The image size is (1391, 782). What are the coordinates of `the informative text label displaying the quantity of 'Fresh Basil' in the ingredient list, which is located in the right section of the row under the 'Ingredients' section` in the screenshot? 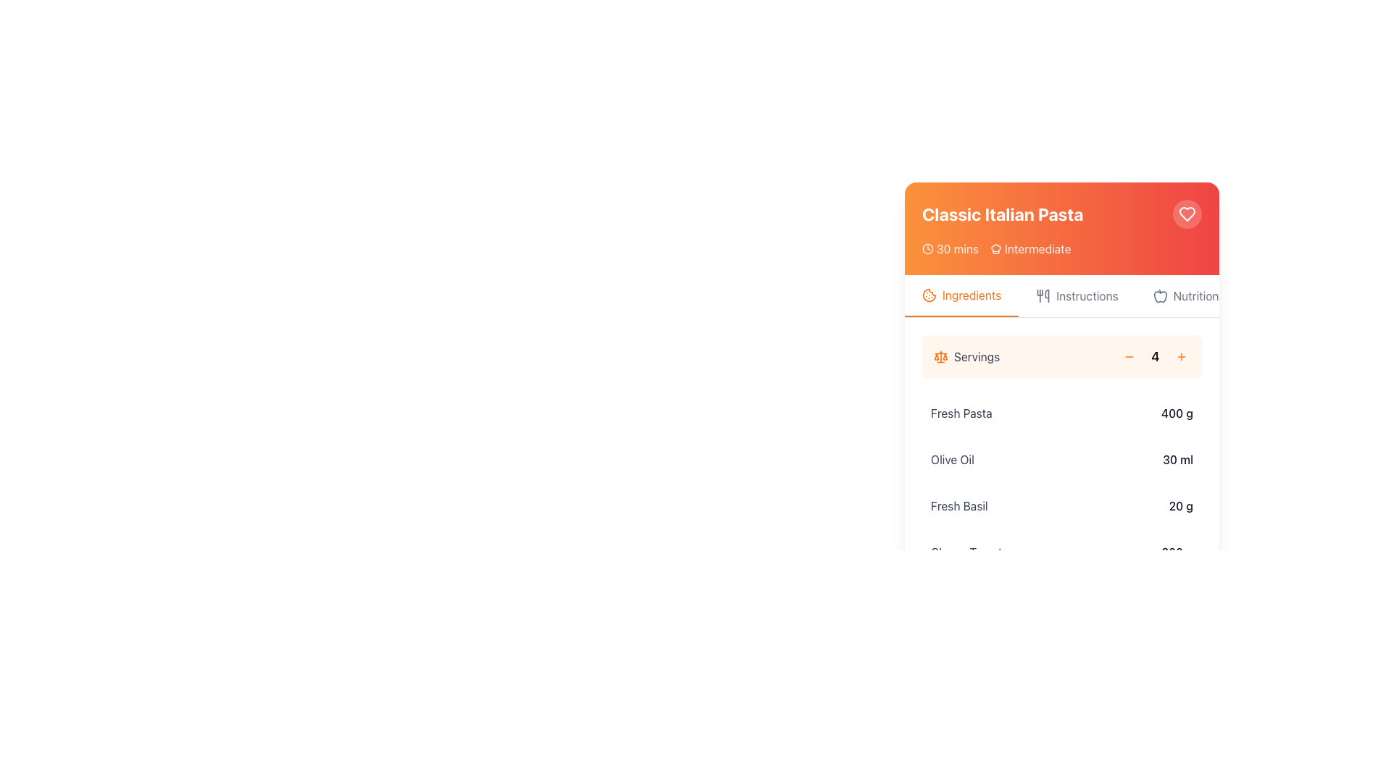 It's located at (1181, 505).